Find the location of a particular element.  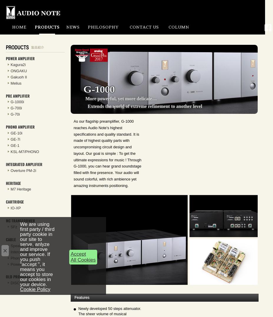

'GE-7i' is located at coordinates (15, 139).